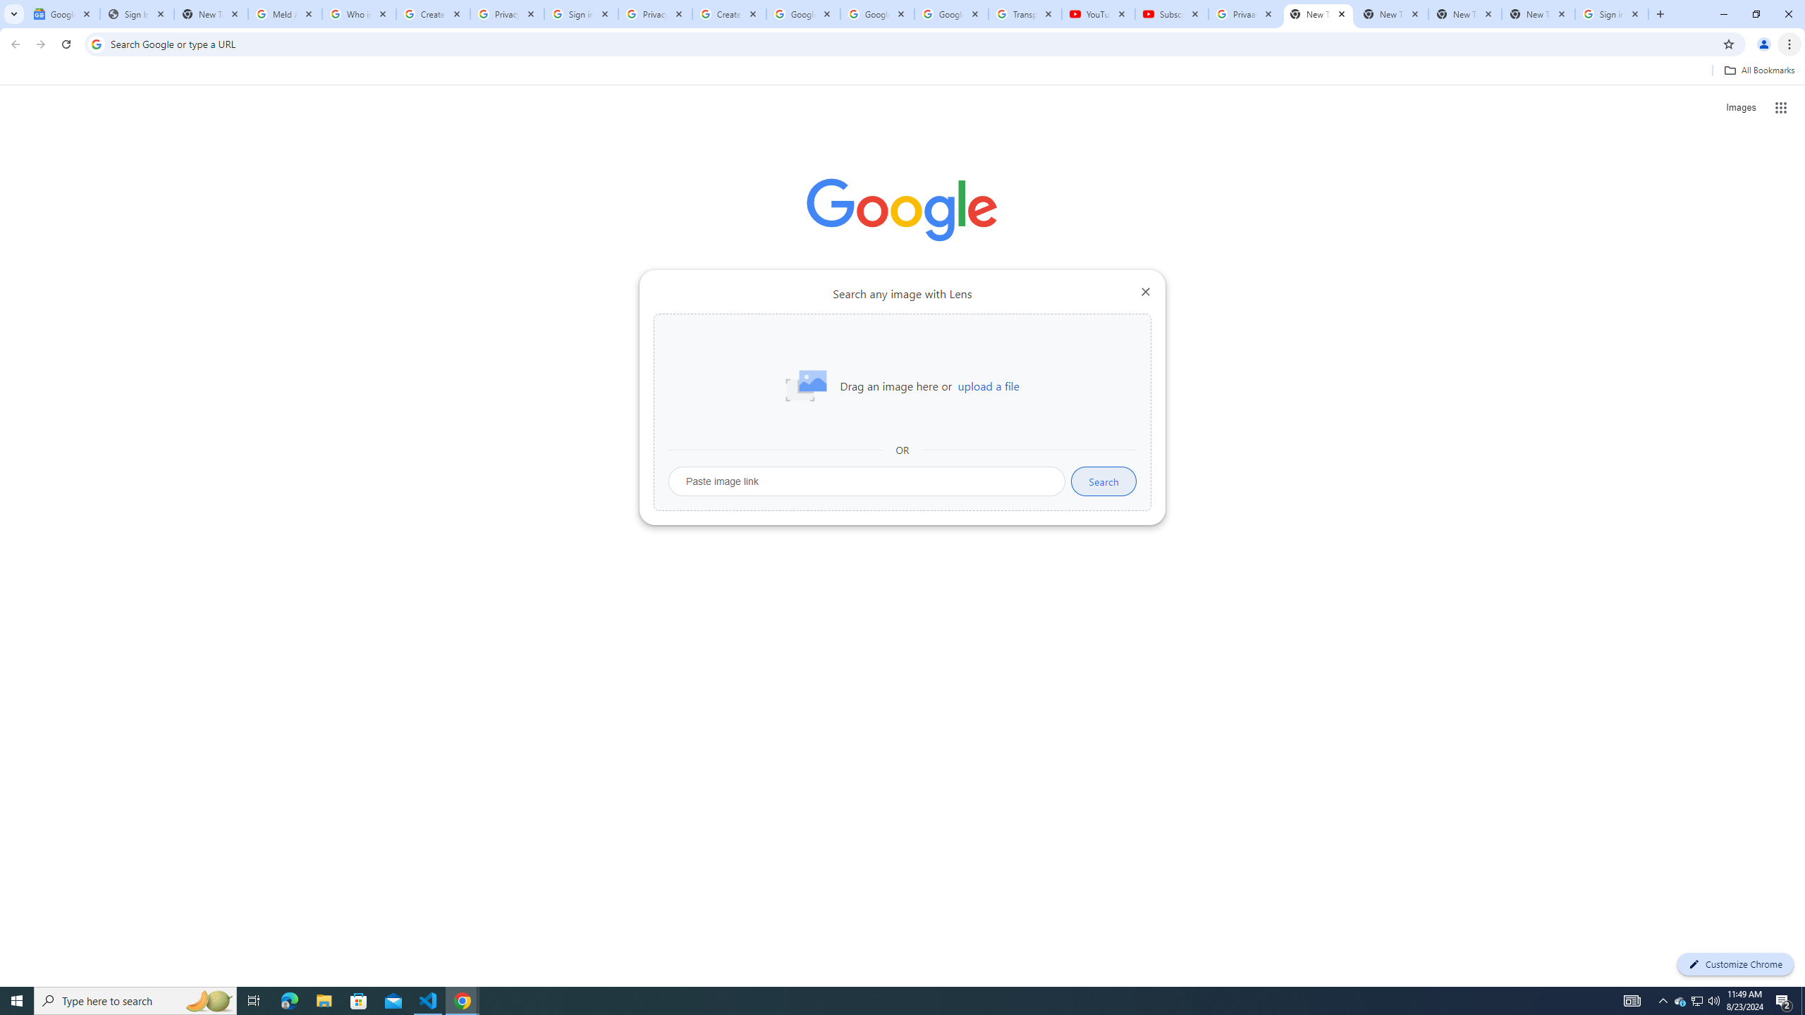 The image size is (1805, 1015). What do you see at coordinates (867, 481) in the screenshot?
I see `'Paste image link'` at bounding box center [867, 481].